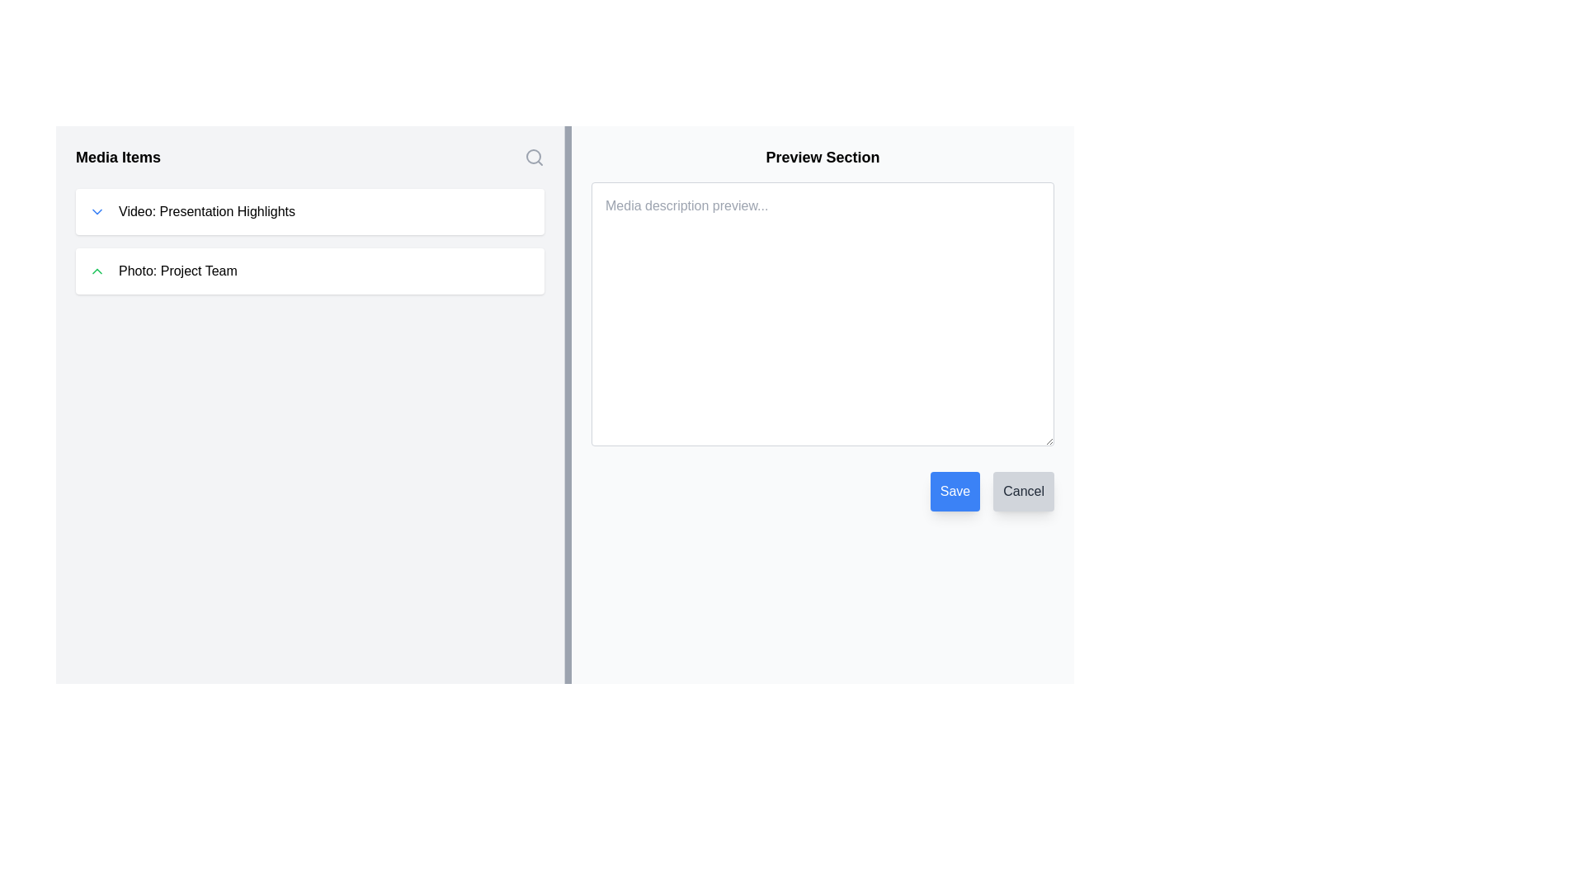 The image size is (1584, 891). I want to click on the downward-facing chevron icon adjacent to 'Video: Presentation Highlights', so click(97, 211).